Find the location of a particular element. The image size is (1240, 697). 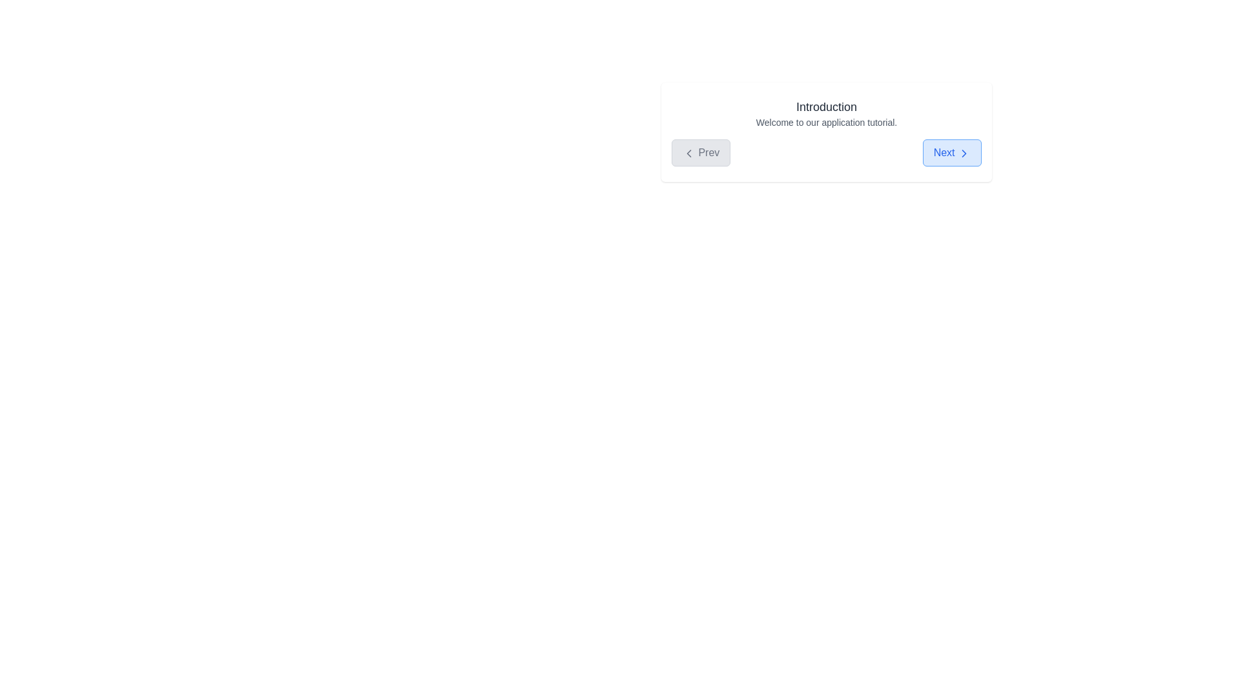

the right-pointing chevron icon located within the 'Next' button is located at coordinates (964, 152).